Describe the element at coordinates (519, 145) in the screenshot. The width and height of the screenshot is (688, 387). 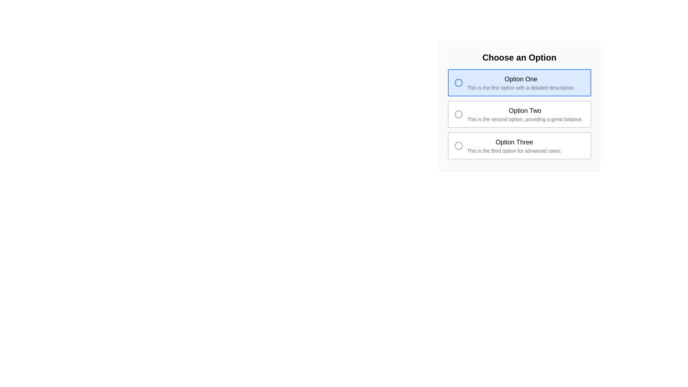
I see `the third selectable option item labeled 'Option Three'` at that location.